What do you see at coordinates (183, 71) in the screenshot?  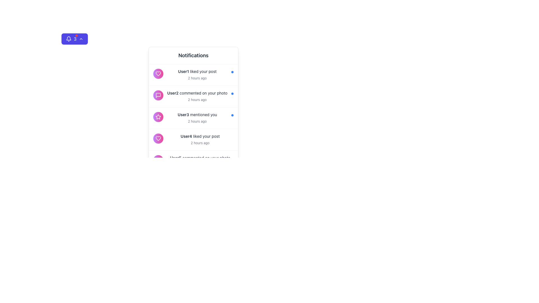 I see `the highlighted username 'User1' in the first notification entry, which is located immediately next to the heart icon on the left` at bounding box center [183, 71].